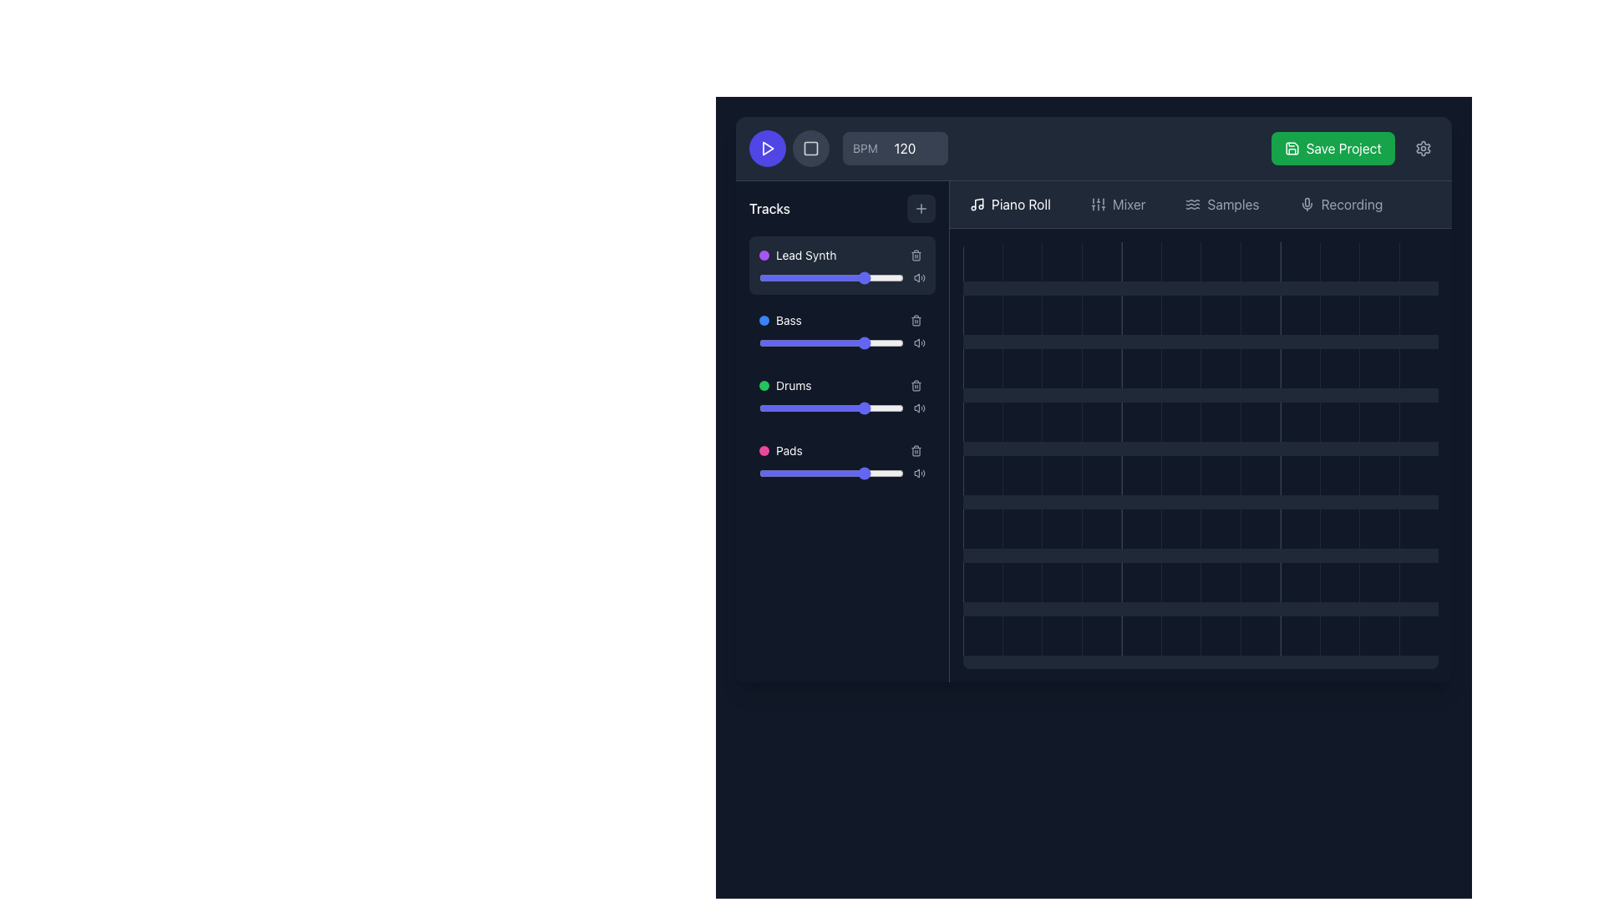 The width and height of the screenshot is (1604, 902). Describe the element at coordinates (825, 408) in the screenshot. I see `the slider` at that location.